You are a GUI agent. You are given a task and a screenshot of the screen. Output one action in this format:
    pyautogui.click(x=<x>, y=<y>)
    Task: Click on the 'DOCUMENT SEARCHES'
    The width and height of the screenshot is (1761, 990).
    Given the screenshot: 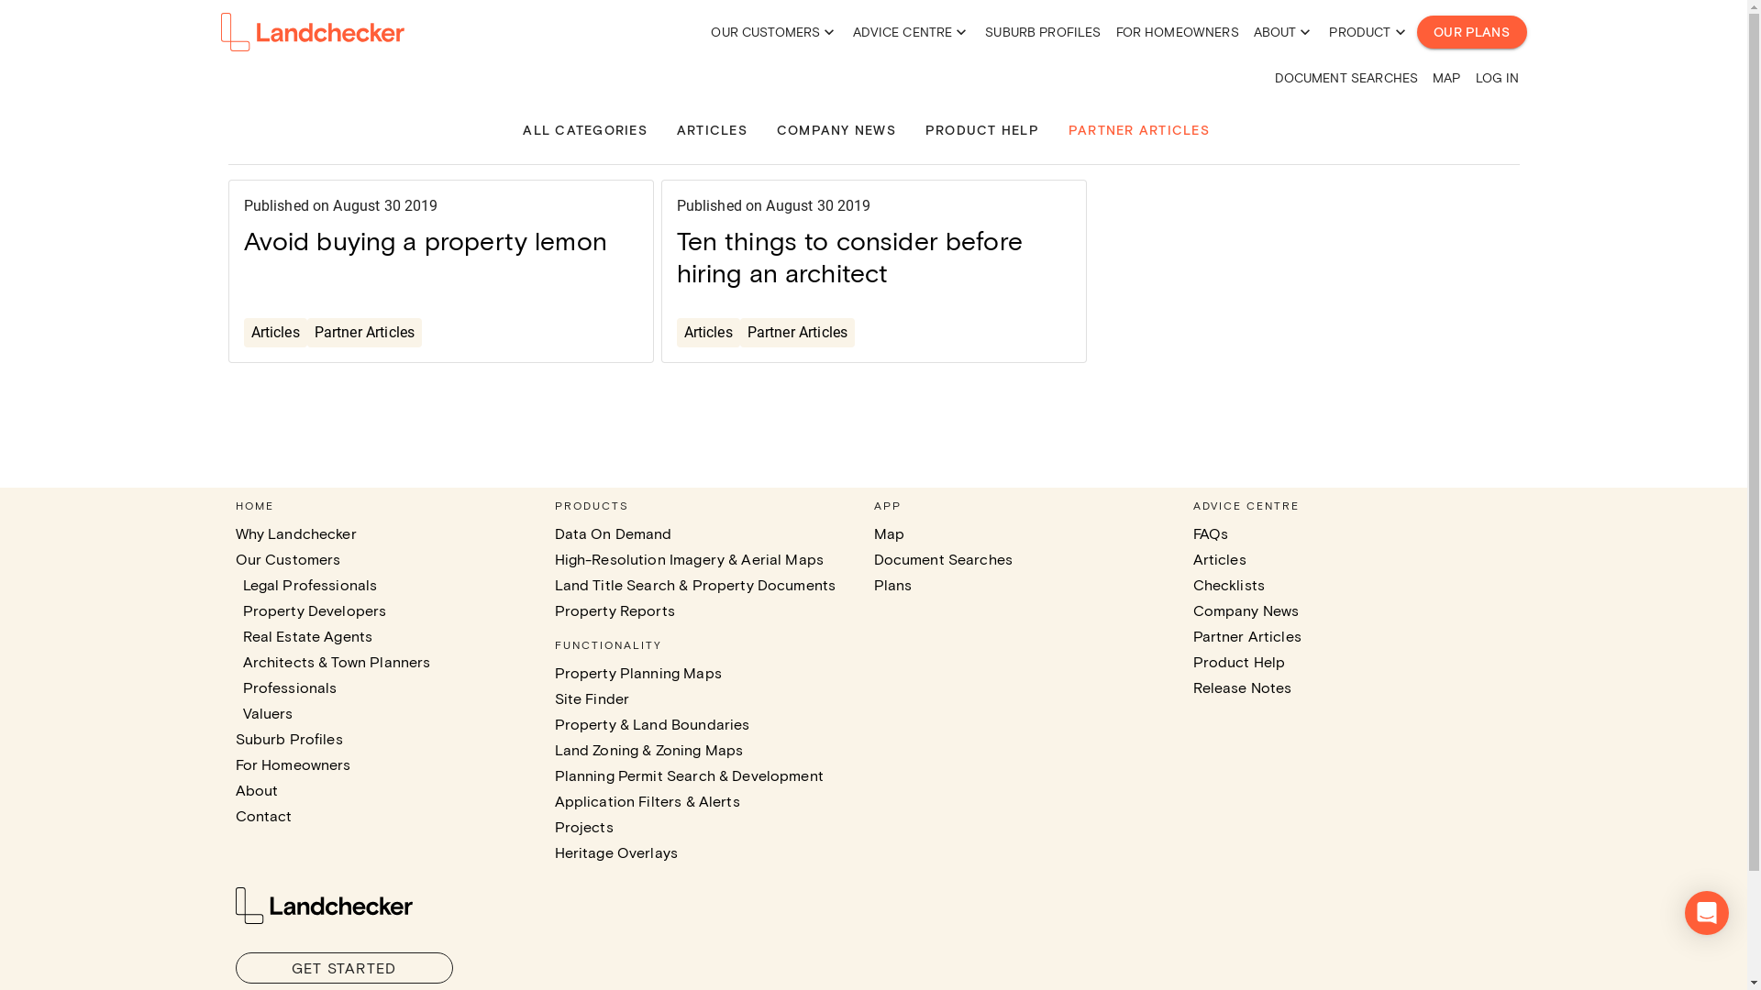 What is the action you would take?
    pyautogui.click(x=1346, y=76)
    